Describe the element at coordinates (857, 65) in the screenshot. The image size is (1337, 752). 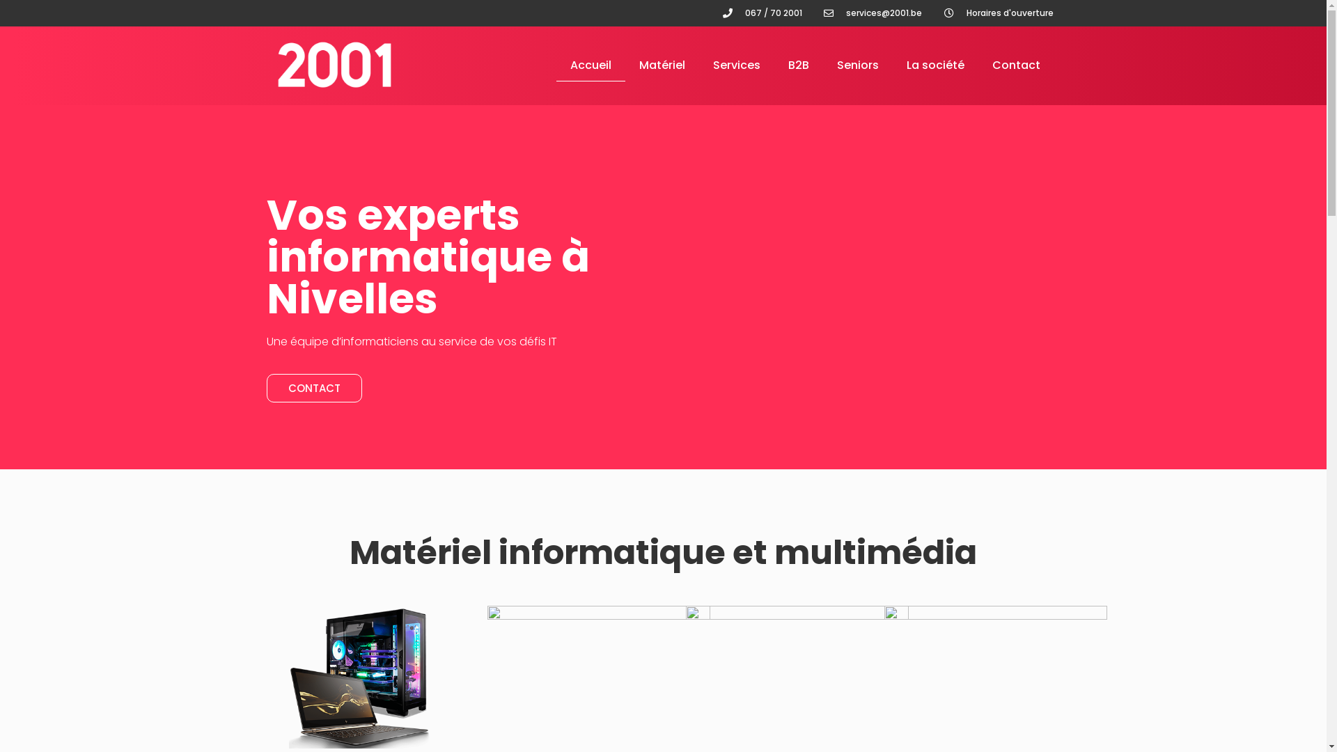
I see `'Seniors'` at that location.